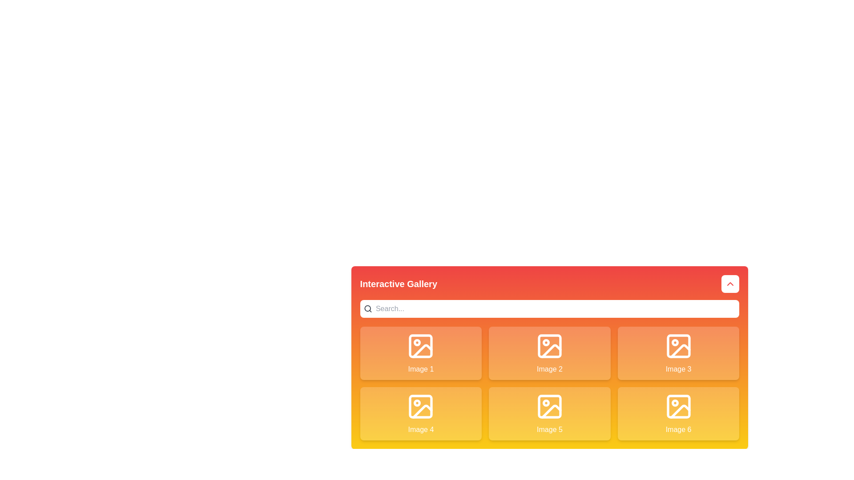  Describe the element at coordinates (678, 406) in the screenshot. I see `the picture frame icon with a circular detail and diagonal line, located in the bottom-right cell of the 2x3 grid in the 'Interactive Gallery', above the text 'Image 6'` at that location.